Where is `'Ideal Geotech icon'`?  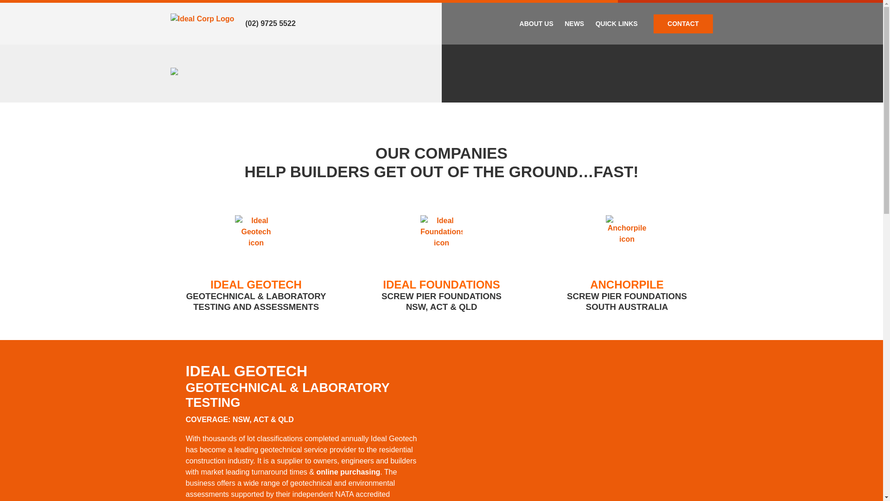
'Ideal Geotech icon' is located at coordinates (235, 238).